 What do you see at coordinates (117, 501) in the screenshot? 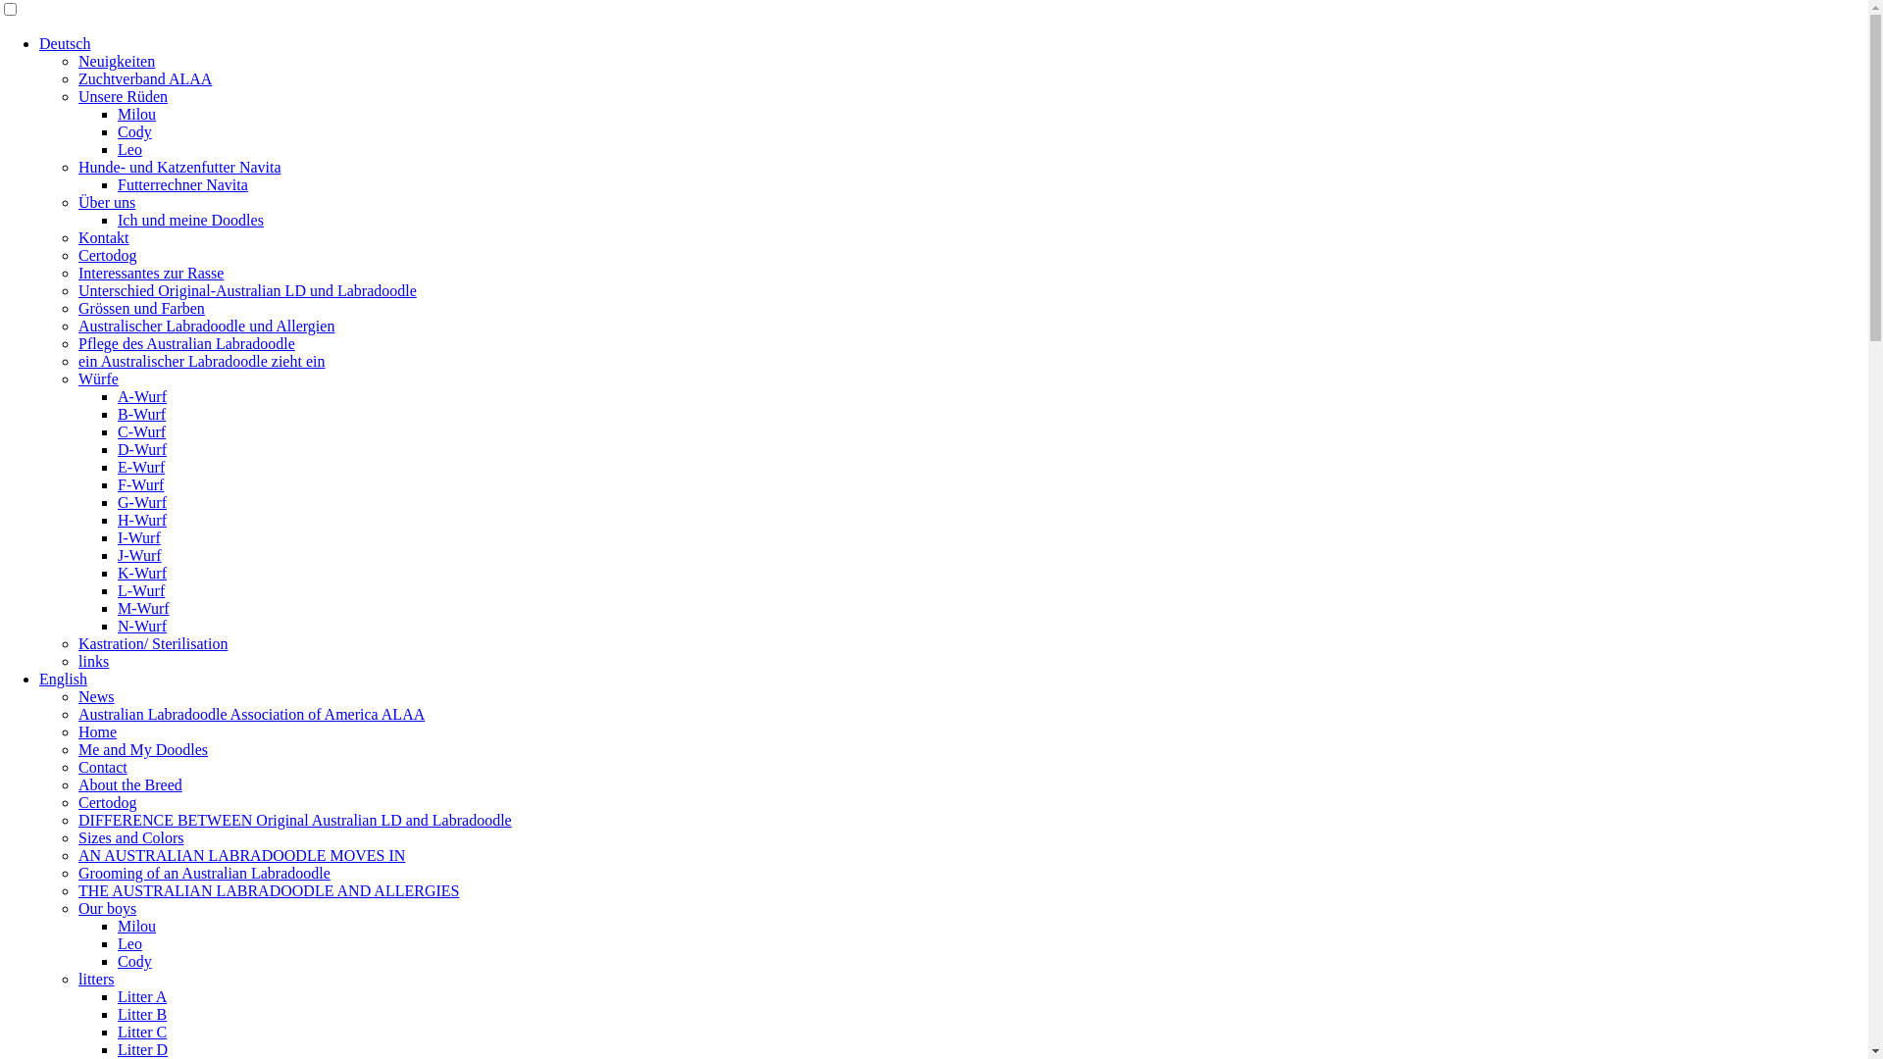
I see `'G-Wurf'` at bounding box center [117, 501].